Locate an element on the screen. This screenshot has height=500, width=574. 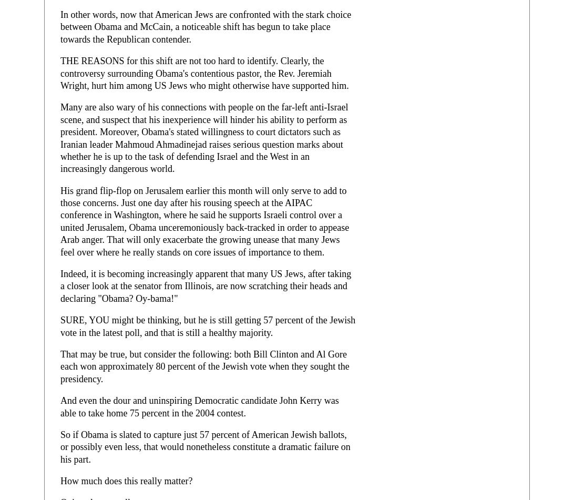
'His grand flip-flop on Jerusalem earlier this month will only serve to add to those concerns. Just one day after his rousing speech at the AIPAC conference in Washington, where he said he supports Israeli control over a united Jerusalem, Obama unceremoniously back-tracked in order to appease Arab anger. That will only exacerbate the growing unease that many Jews feel over where he really stands on core issues of importance to them.' is located at coordinates (204, 221).